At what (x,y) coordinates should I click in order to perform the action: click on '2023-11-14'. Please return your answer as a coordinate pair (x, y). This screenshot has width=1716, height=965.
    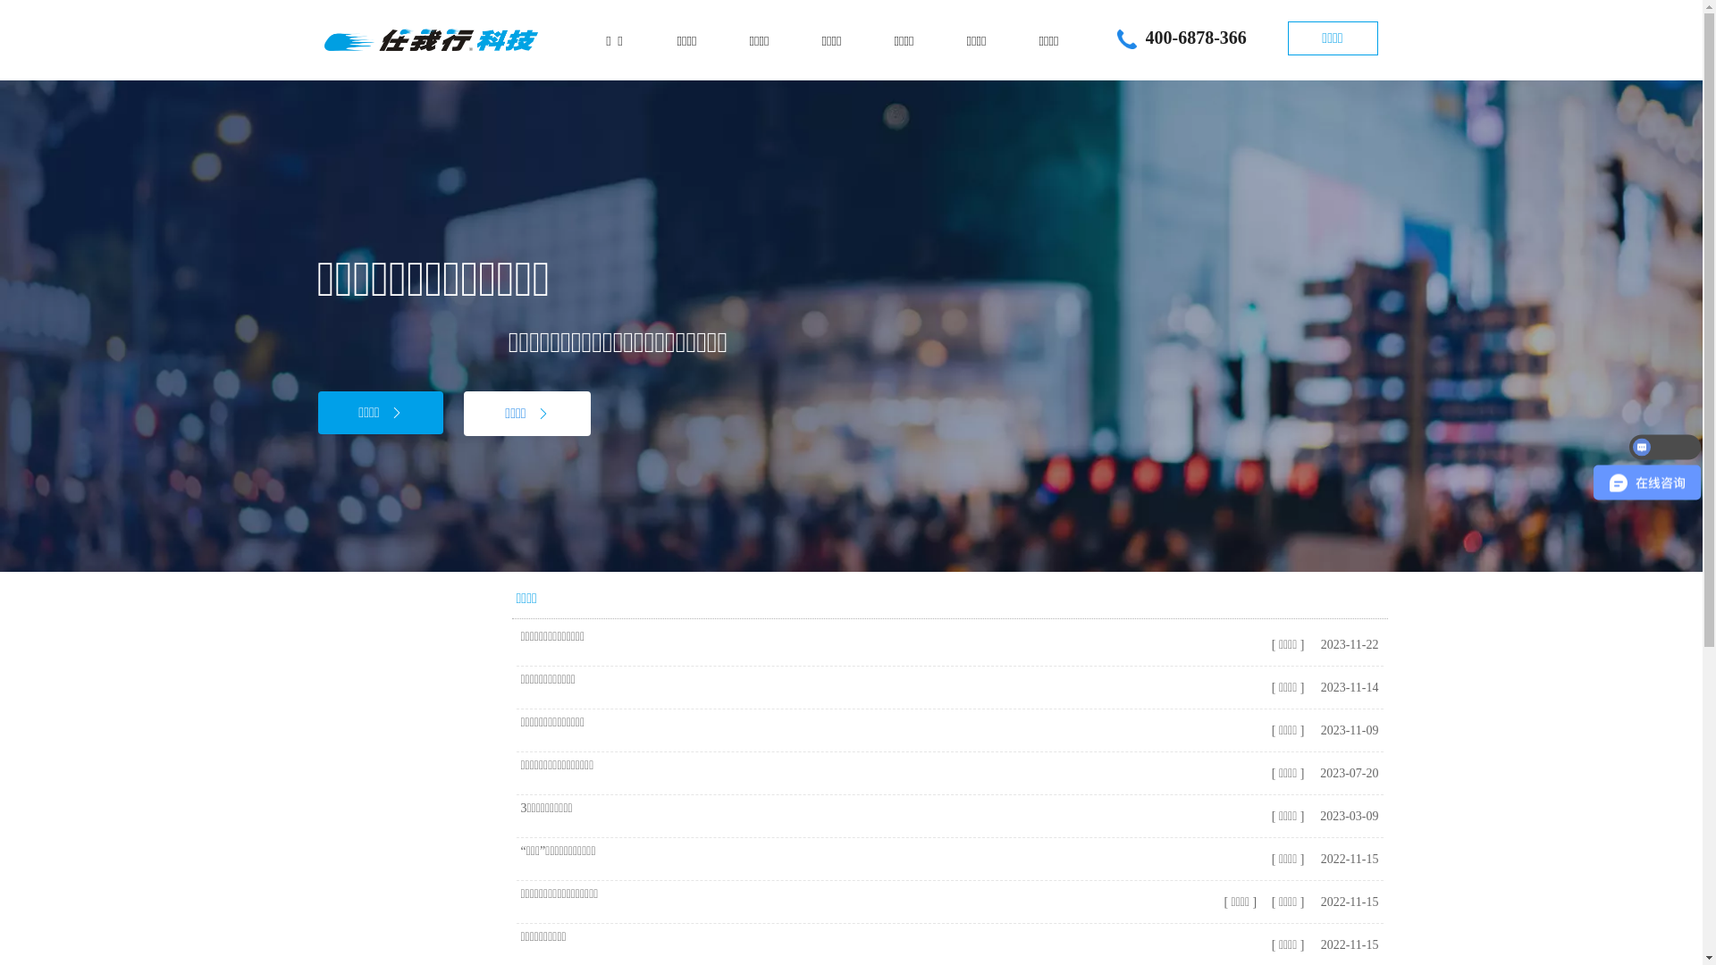
    Looking at the image, I should click on (1347, 686).